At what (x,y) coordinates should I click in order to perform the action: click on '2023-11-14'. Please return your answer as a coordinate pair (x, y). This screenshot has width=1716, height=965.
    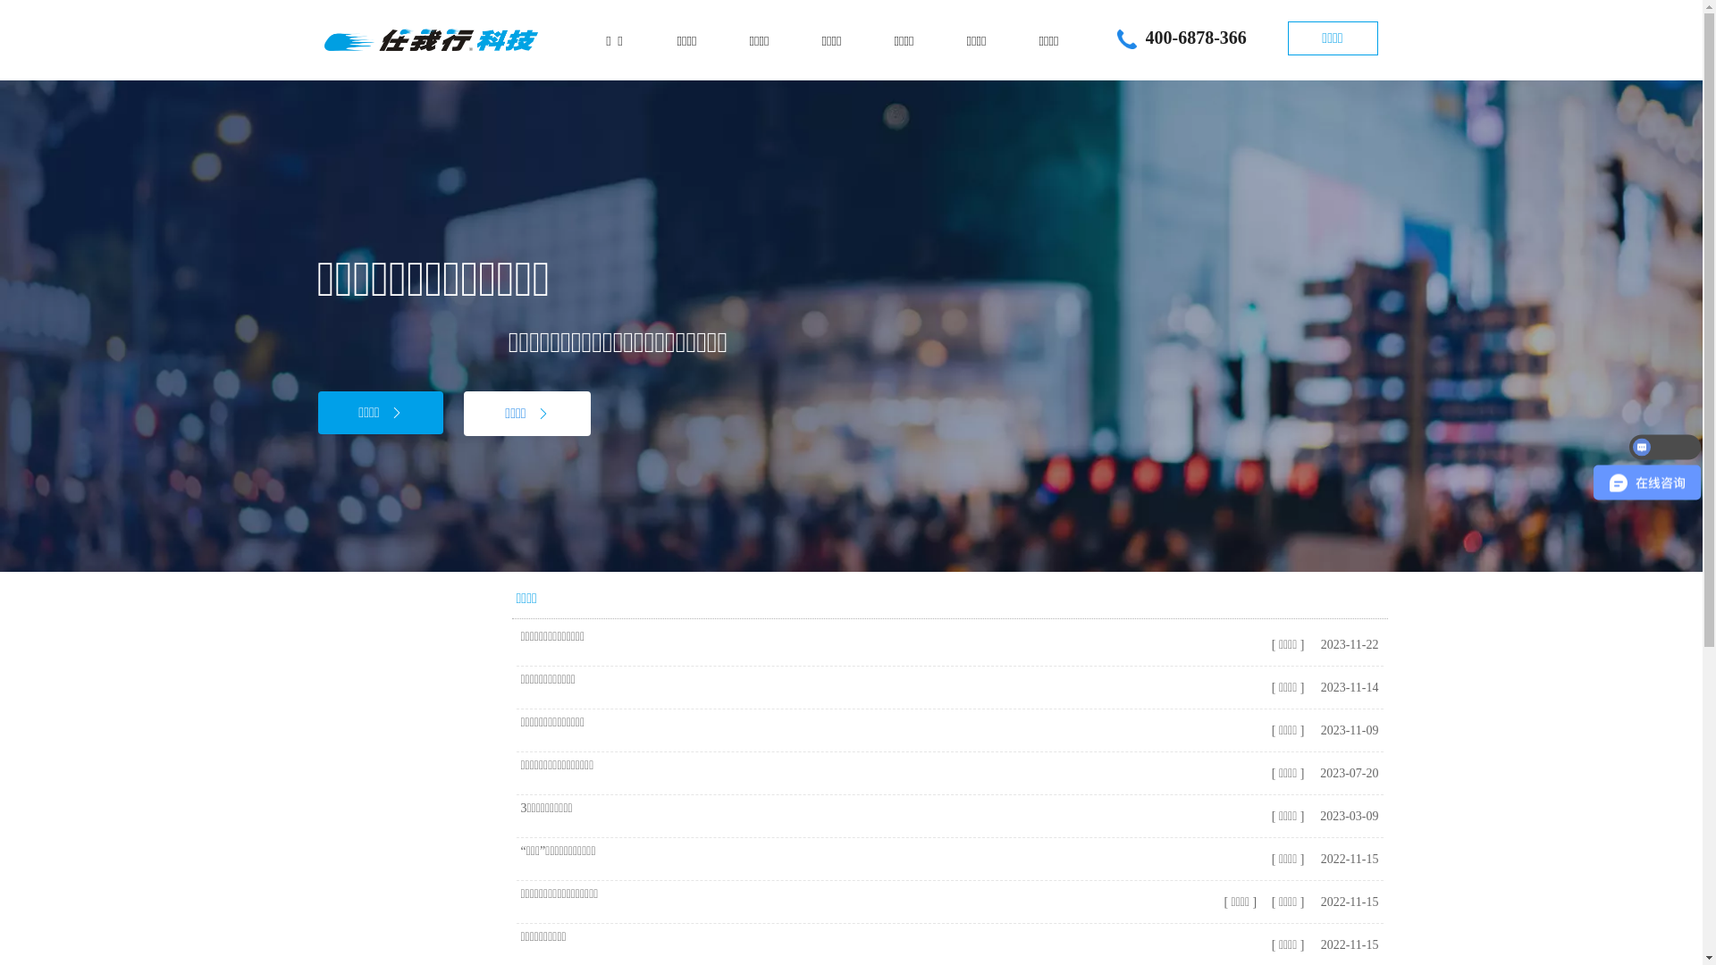
    Looking at the image, I should click on (1347, 686).